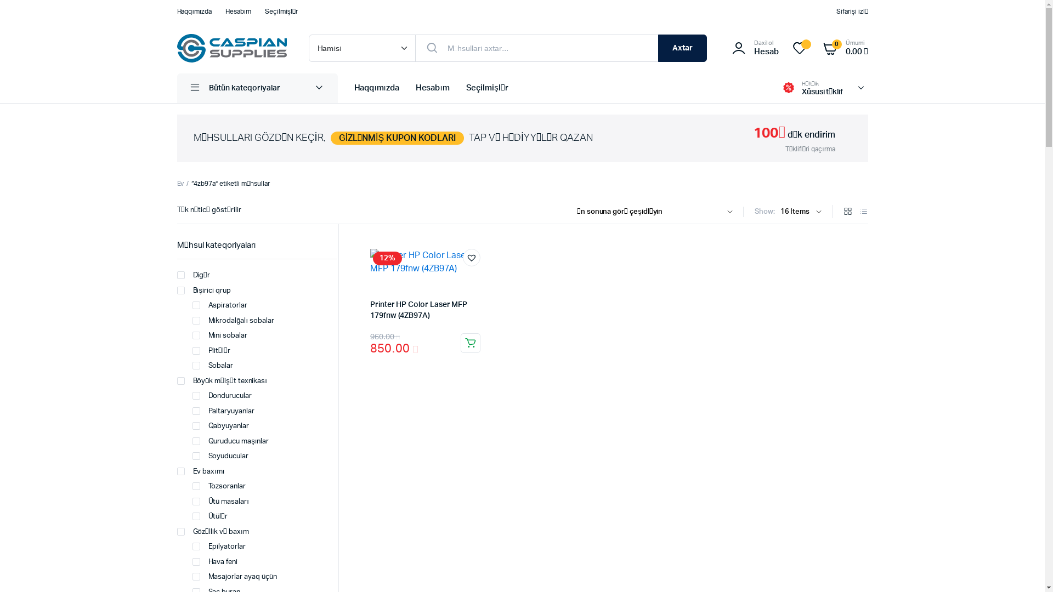 The width and height of the screenshot is (1053, 592). What do you see at coordinates (192, 426) in the screenshot?
I see `'Qabyuyanlar'` at bounding box center [192, 426].